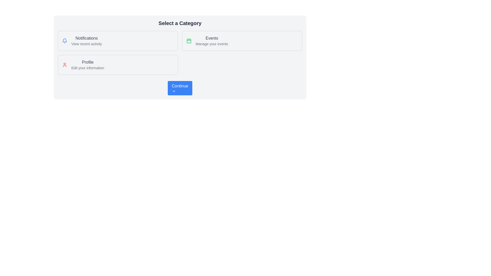  Describe the element at coordinates (189, 40) in the screenshot. I see `the main body of the calendar icon located in the top-right section of the interface under the 'Events' category` at that location.